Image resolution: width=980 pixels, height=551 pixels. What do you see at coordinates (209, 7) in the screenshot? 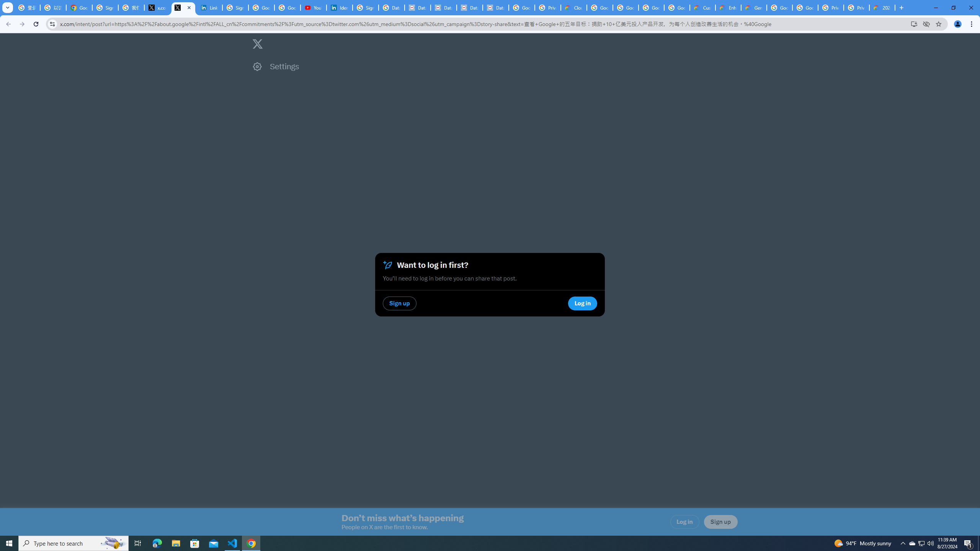
I see `'LinkedIn Privacy Policy'` at bounding box center [209, 7].